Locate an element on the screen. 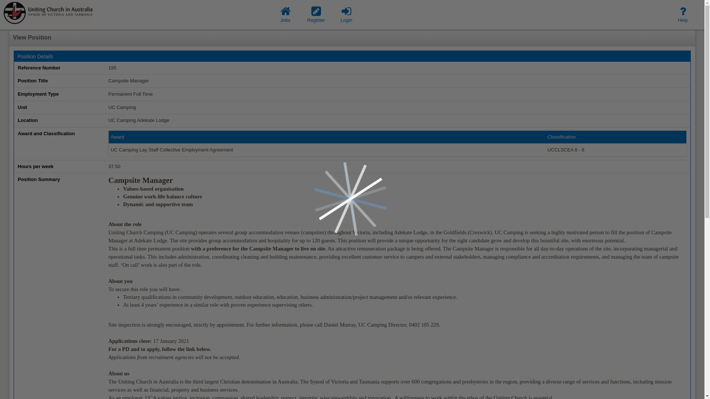  'Help' is located at coordinates (682, 14).